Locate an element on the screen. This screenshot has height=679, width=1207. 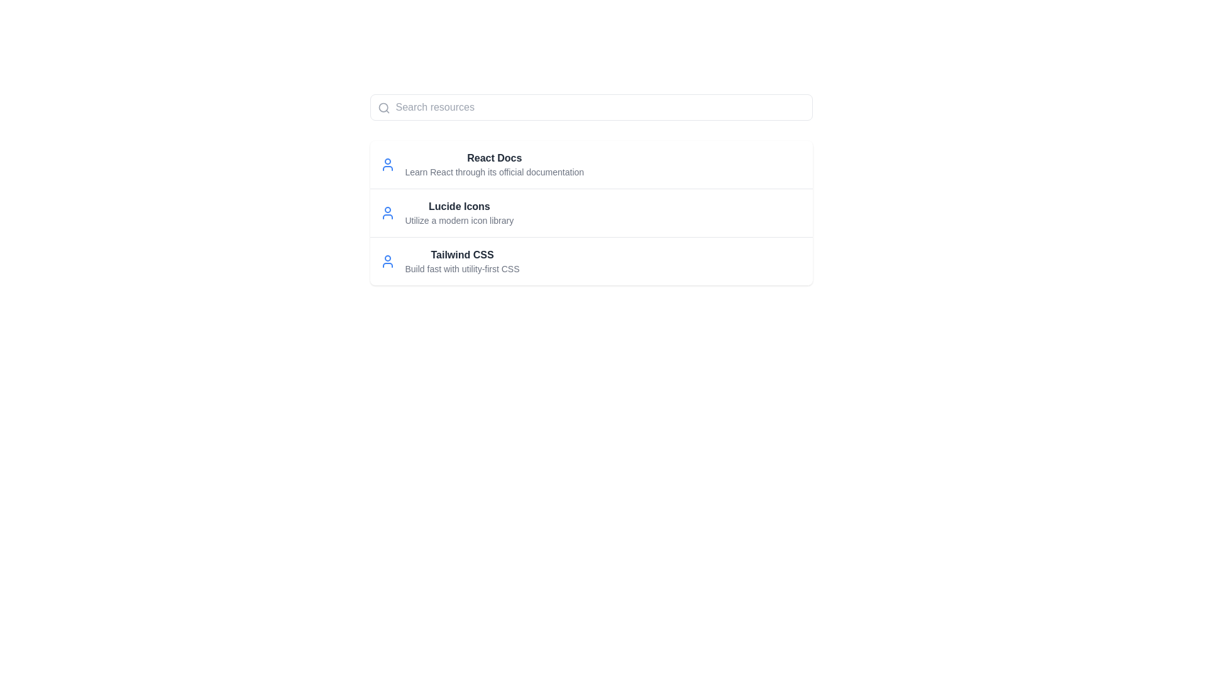
the static textual description providing additional information about the functionality or purpose of the 'Lucide Icons', which is located below the bolded title within the second item of the vertical list is located at coordinates (458, 220).